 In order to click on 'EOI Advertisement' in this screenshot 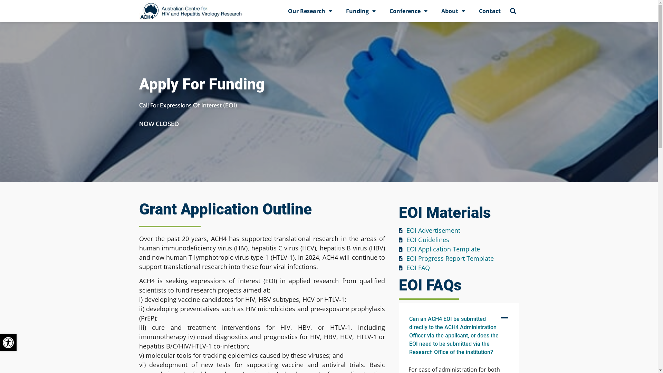, I will do `click(459, 230)`.